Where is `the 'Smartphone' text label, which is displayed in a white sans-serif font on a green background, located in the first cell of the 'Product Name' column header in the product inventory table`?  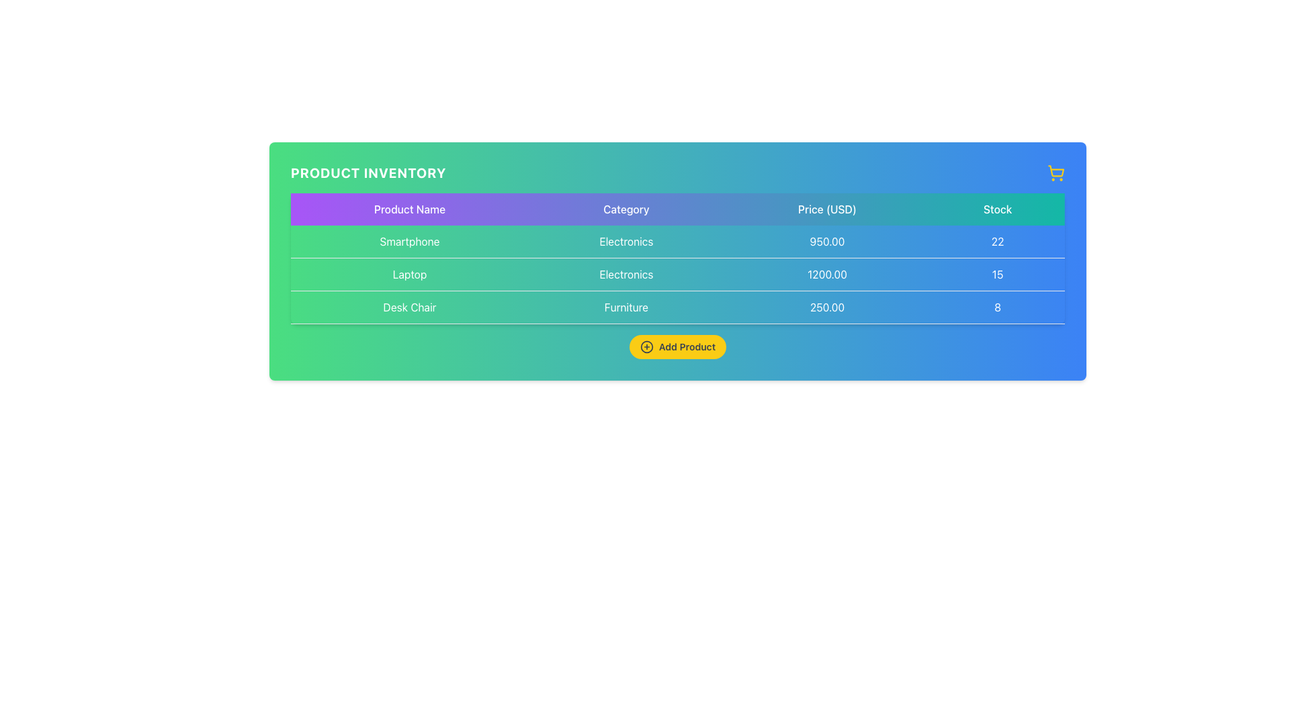 the 'Smartphone' text label, which is displayed in a white sans-serif font on a green background, located in the first cell of the 'Product Name' column header in the product inventory table is located at coordinates (408, 240).